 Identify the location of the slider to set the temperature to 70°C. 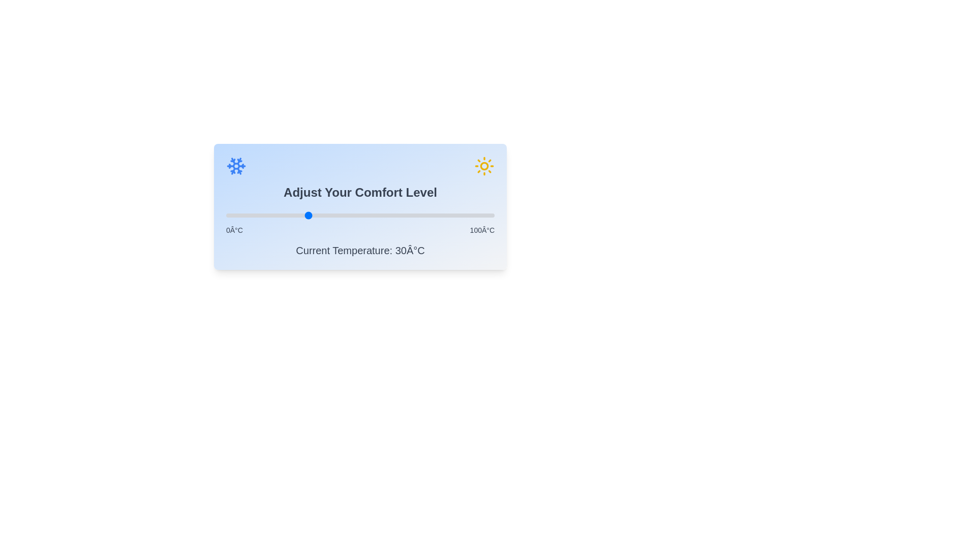
(414, 215).